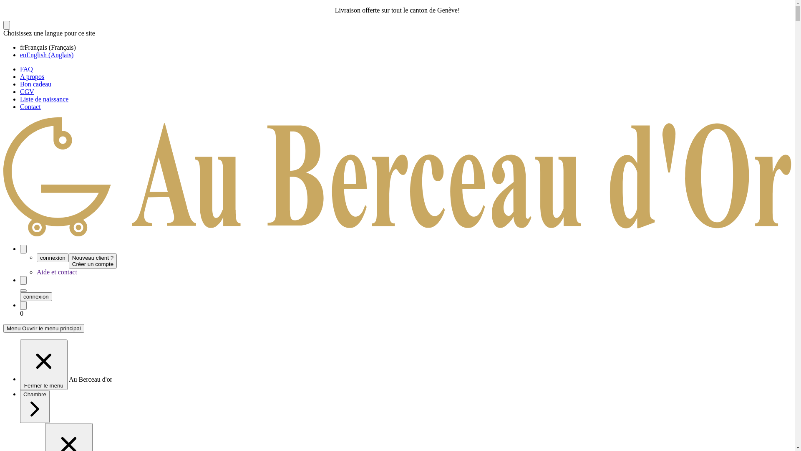 This screenshot has width=801, height=451. What do you see at coordinates (52, 257) in the screenshot?
I see `'connexion'` at bounding box center [52, 257].